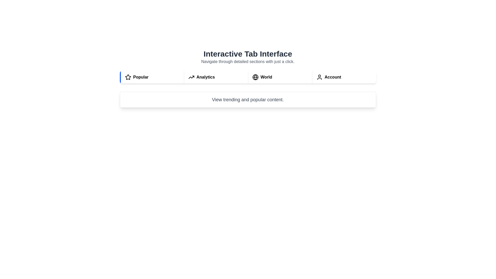  I want to click on the Popular tab to preview its style, so click(151, 77).